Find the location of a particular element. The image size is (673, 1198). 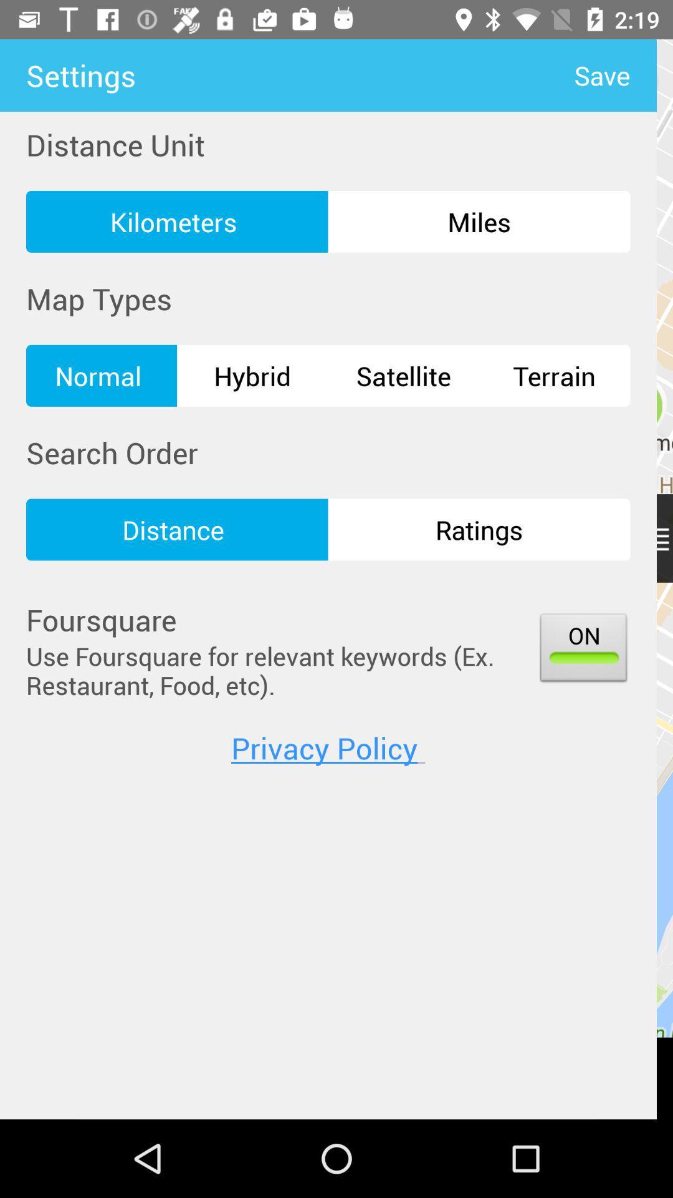

icon below ratings is located at coordinates (583, 650).